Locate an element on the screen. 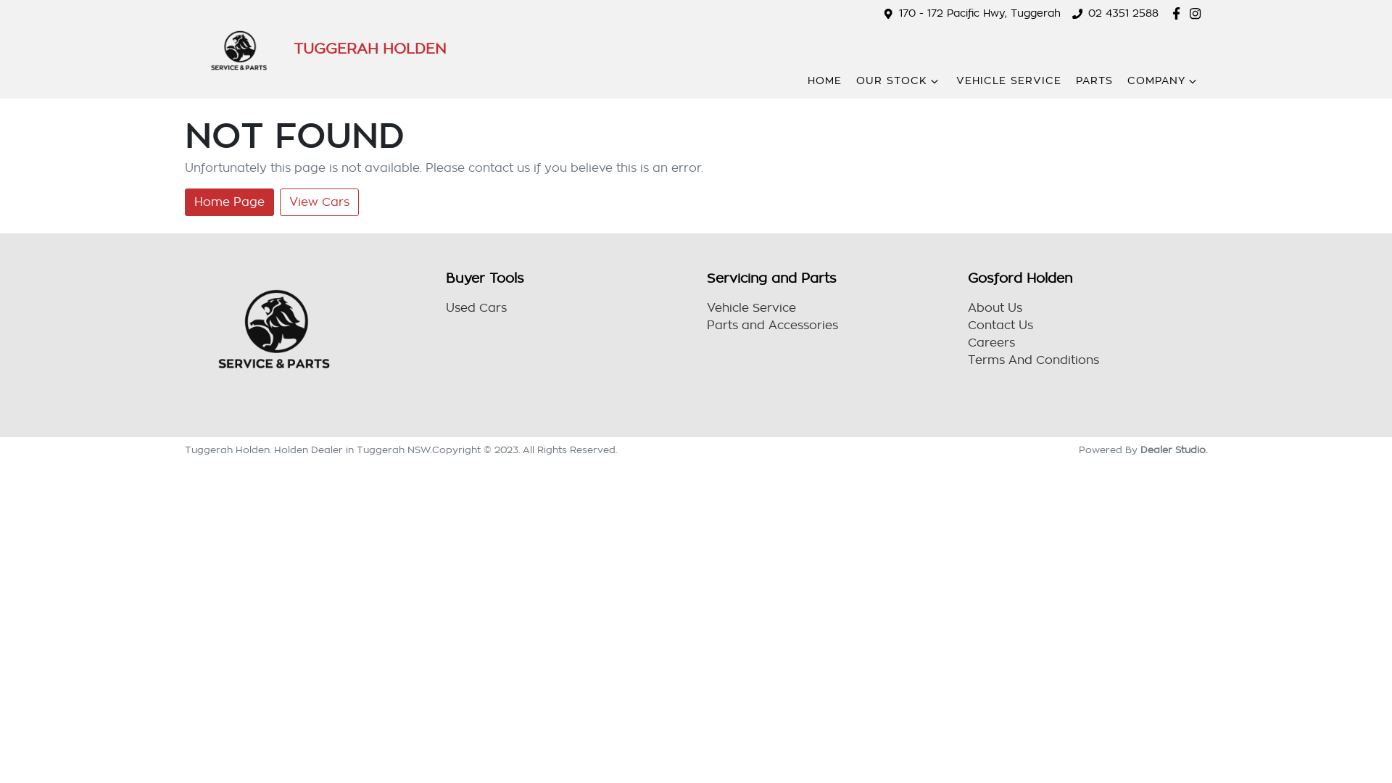  'Dealer Studio.' is located at coordinates (1173, 449).